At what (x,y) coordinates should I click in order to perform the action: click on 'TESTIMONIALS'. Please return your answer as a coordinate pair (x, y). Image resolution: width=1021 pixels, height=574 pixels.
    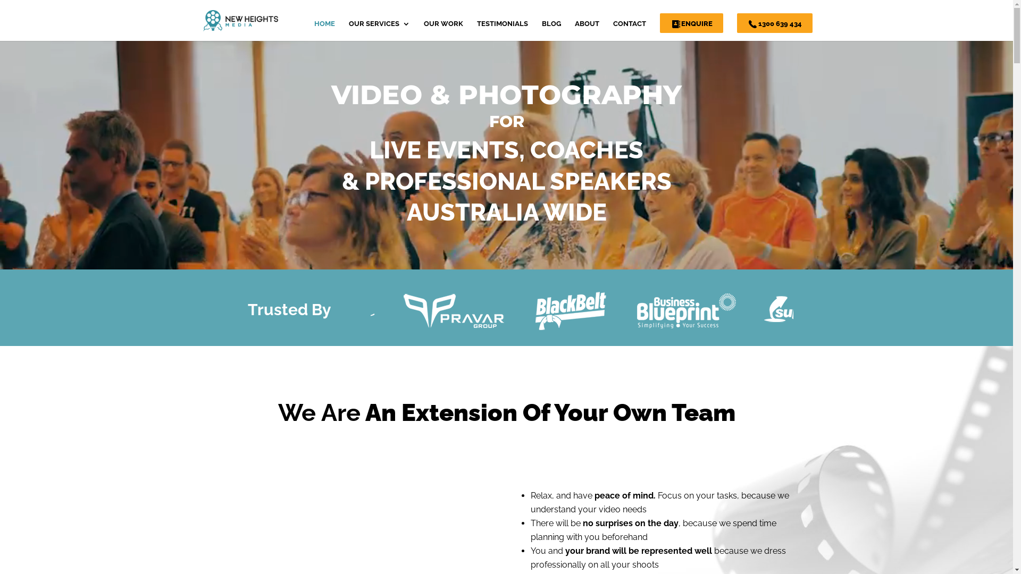
    Looking at the image, I should click on (501, 30).